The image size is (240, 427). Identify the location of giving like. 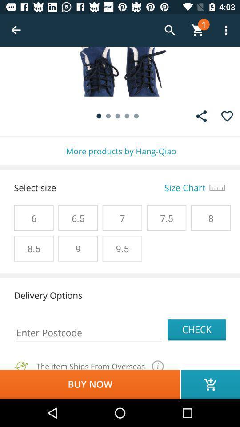
(227, 116).